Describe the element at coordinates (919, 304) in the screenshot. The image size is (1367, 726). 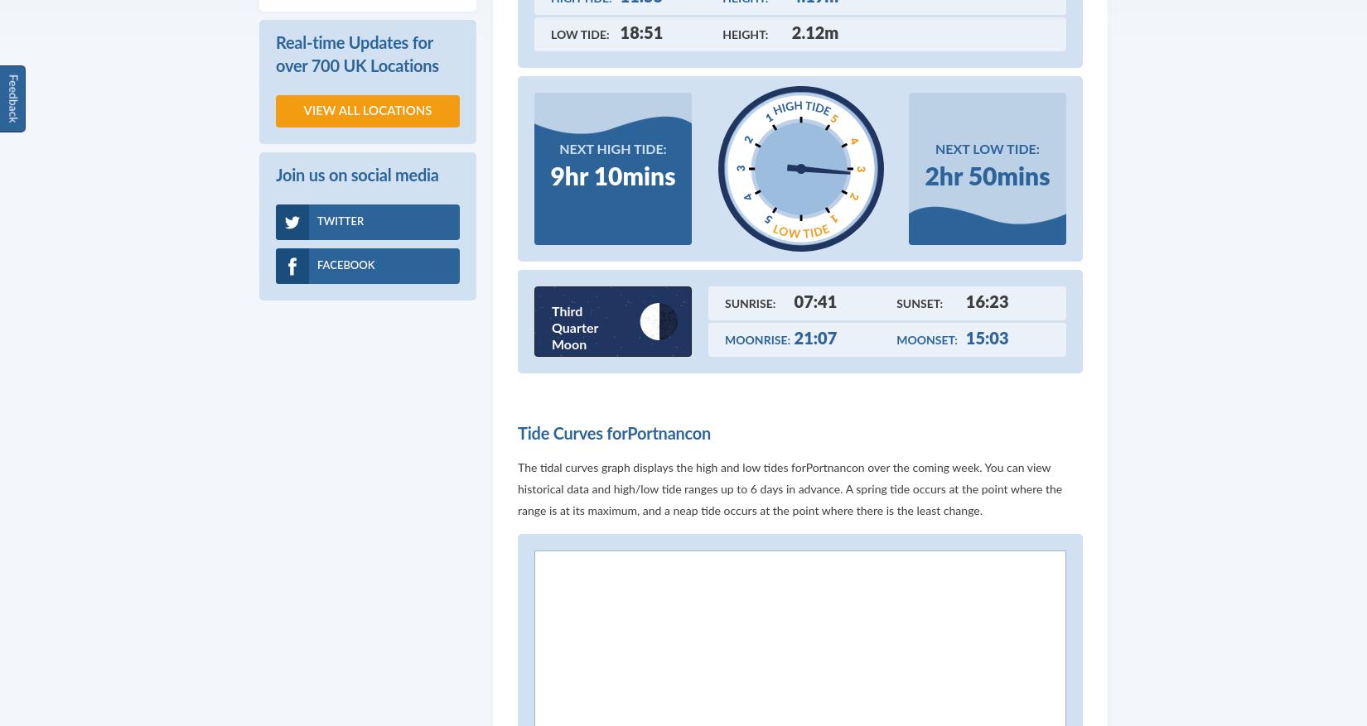
I see `'Sunset:'` at that location.